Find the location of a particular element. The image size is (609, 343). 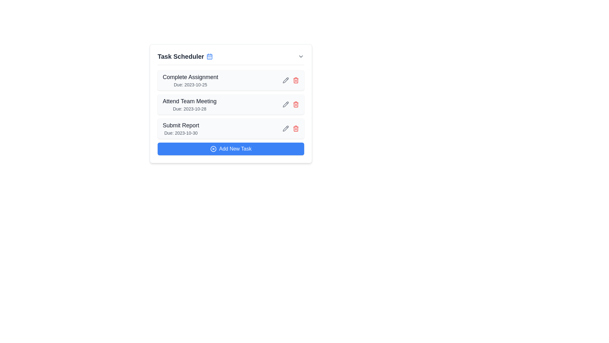

the edit icon, which is styled in gray and located within the icon group to the right of the 'Submit Report' task item in the task manager interface is located at coordinates (290, 129).